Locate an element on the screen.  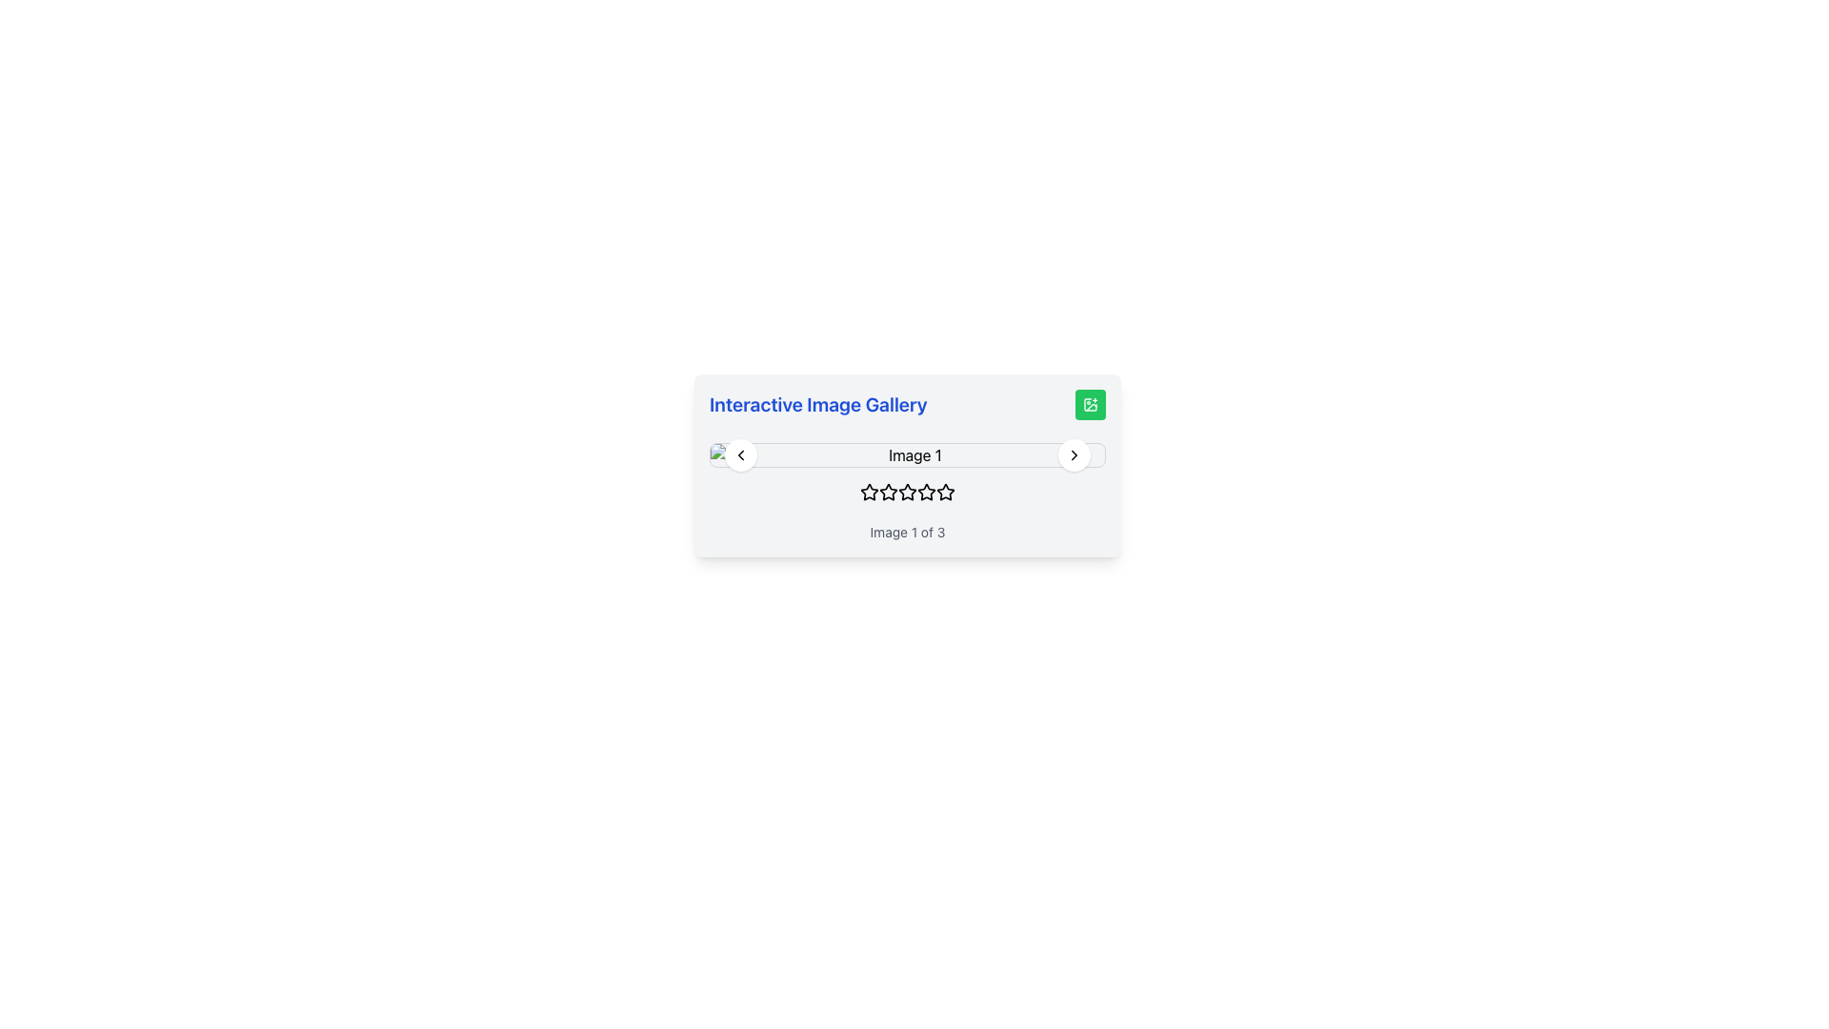
the circular button icon for navigating to the previous image in the image gallery, located on the left side of the horizontal navigation bar is located at coordinates (739, 455).